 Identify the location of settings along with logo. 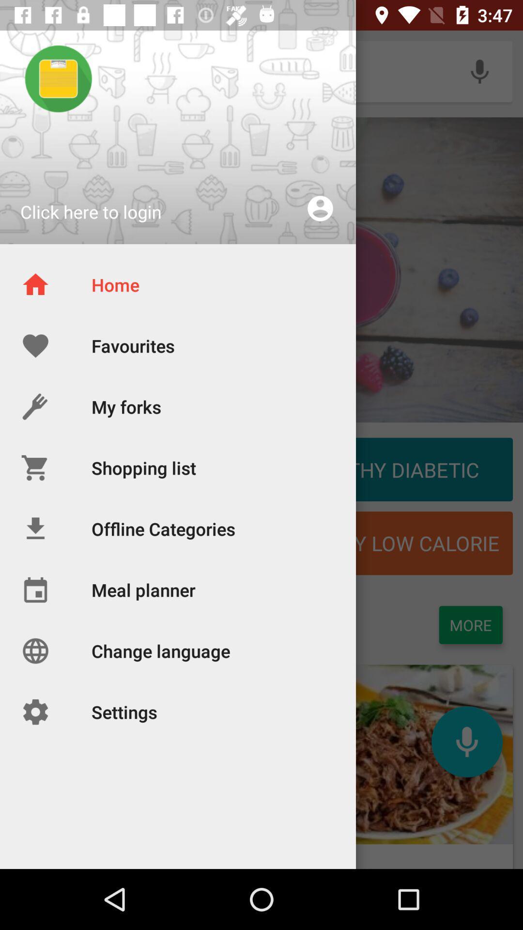
(90, 766).